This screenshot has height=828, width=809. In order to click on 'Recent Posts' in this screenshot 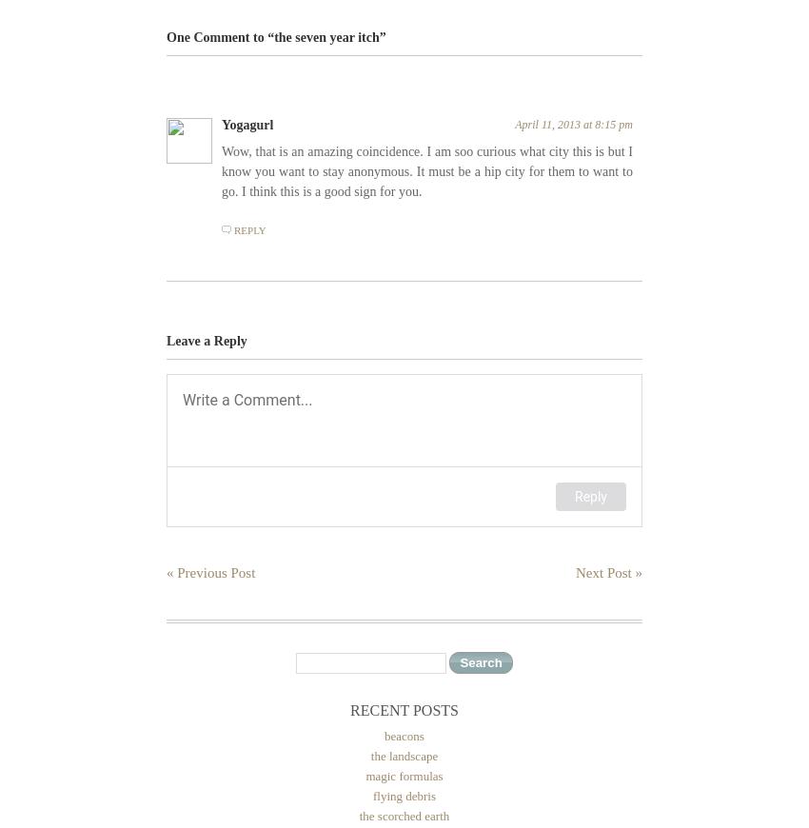, I will do `click(404, 710)`.